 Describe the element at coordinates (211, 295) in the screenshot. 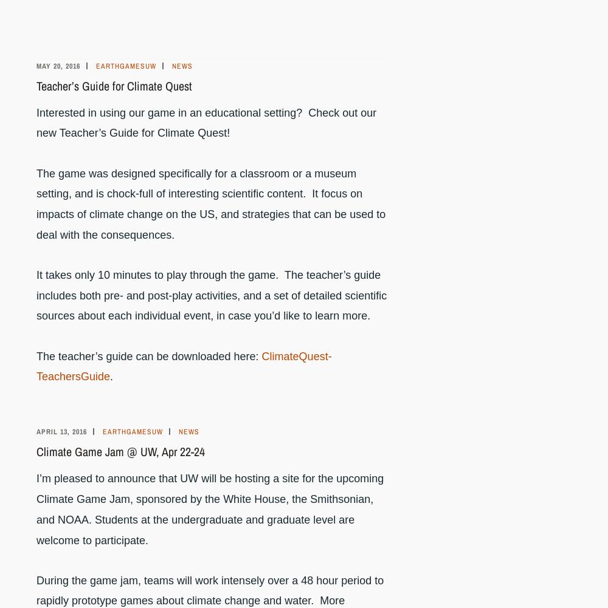

I see `'It takes only 10 minutes to play through the game.  The teacher’s guide includes both pre- and post-play activities, and a set of detailed scientific sources about each individual event, in case you’d like to learn more.'` at that location.